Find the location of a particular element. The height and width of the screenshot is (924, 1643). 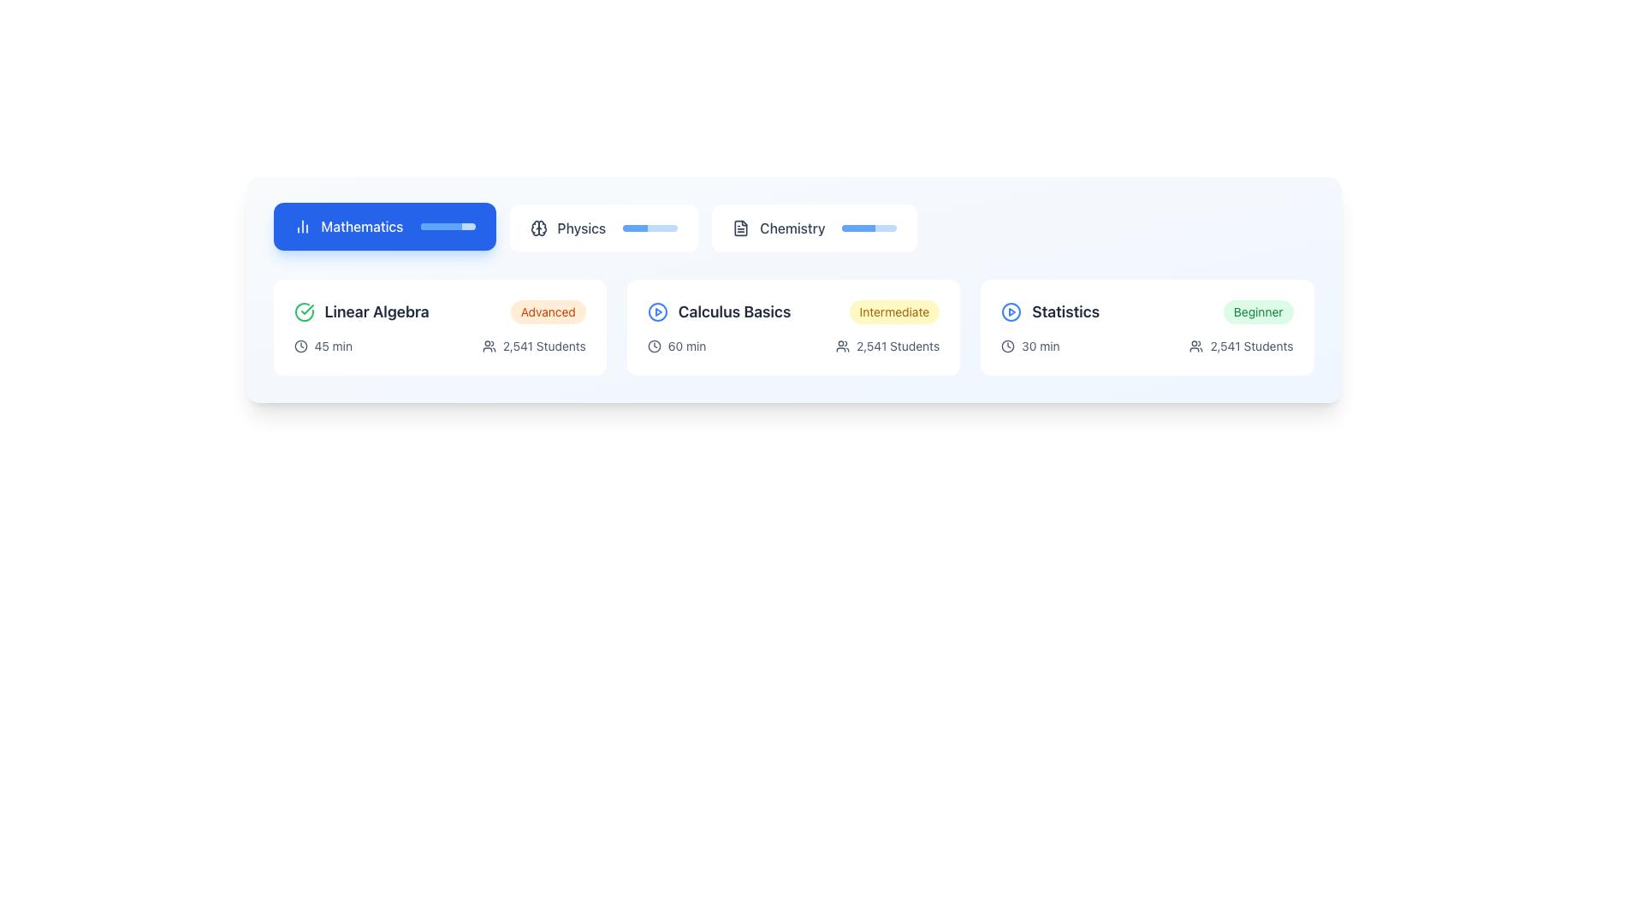

the vertical bar chart icon located to the left of the 'Mathematics' button, which is styled with light-colored strokes and positioned within a blue rectangular area with rounded corners is located at coordinates (302, 226).